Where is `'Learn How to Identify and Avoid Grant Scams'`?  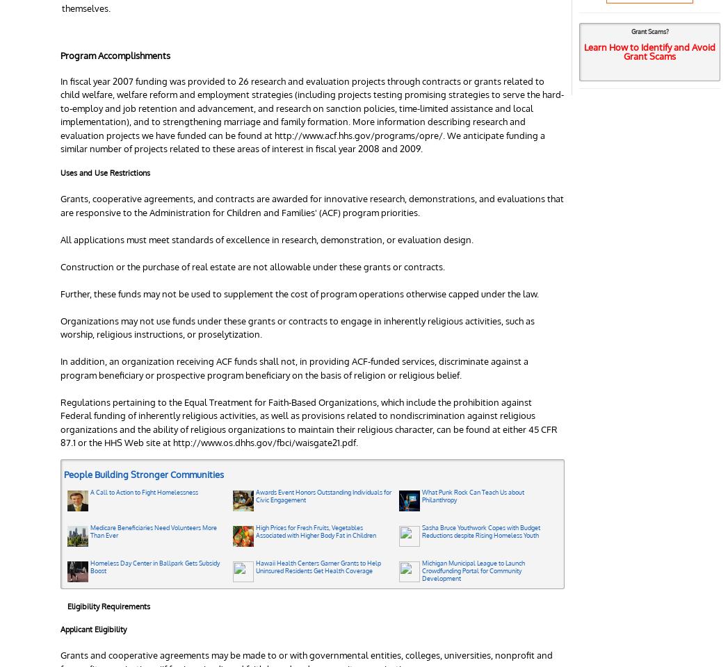
'Learn How to Identify and Avoid Grant Scams' is located at coordinates (649, 51).